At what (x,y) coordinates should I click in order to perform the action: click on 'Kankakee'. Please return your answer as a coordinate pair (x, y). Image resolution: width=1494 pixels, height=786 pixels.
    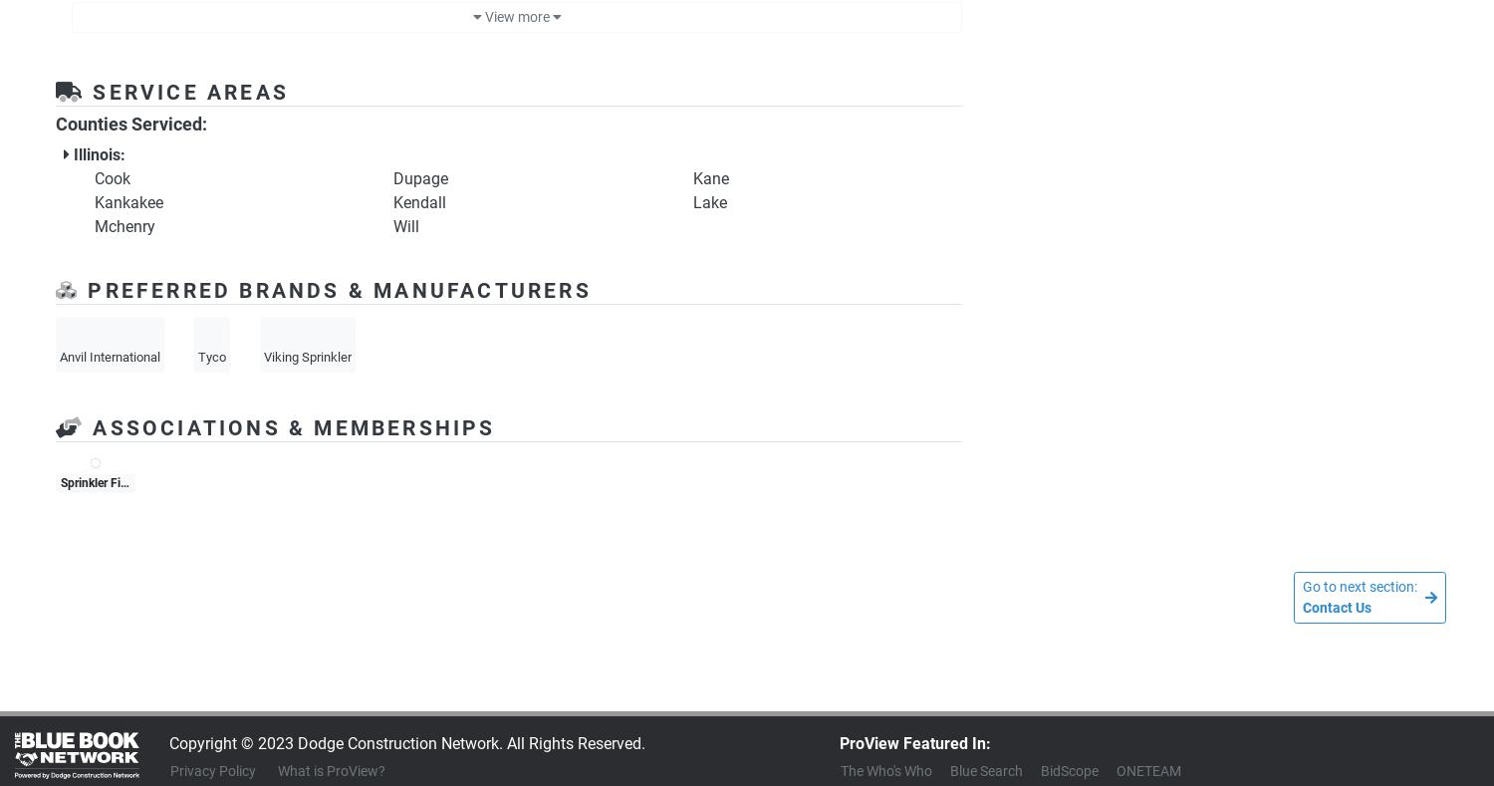
    Looking at the image, I should click on (128, 201).